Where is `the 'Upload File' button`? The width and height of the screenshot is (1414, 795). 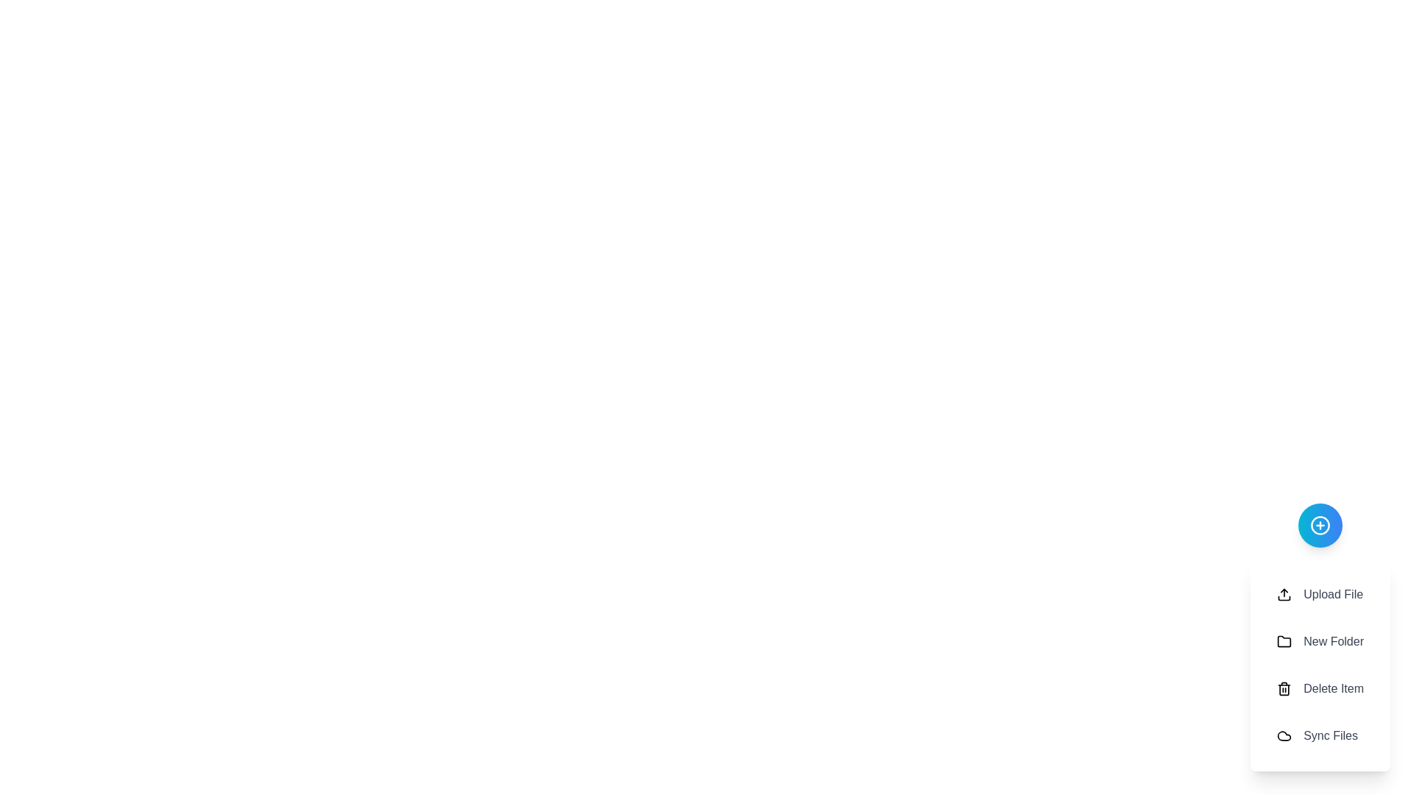
the 'Upload File' button is located at coordinates (1320, 593).